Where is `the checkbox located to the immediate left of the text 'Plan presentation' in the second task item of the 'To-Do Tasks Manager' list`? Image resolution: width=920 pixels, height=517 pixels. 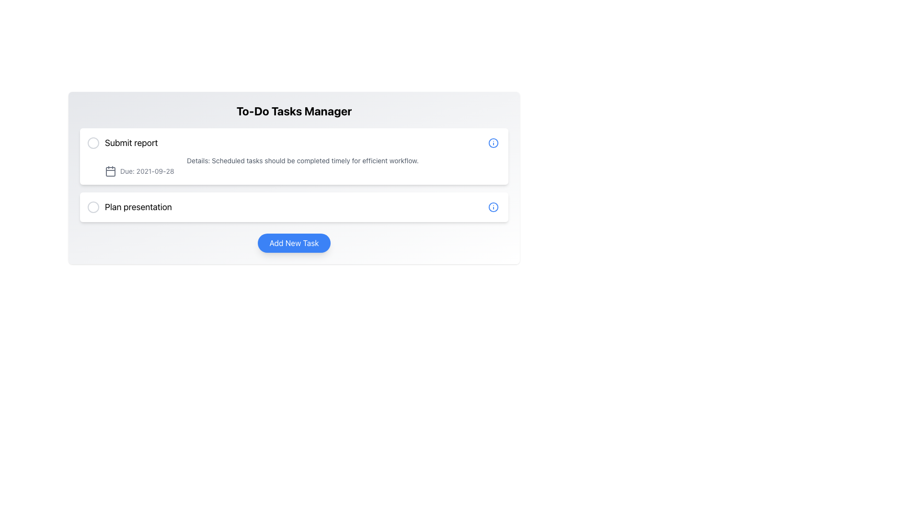
the checkbox located to the immediate left of the text 'Plan presentation' in the second task item of the 'To-Do Tasks Manager' list is located at coordinates (93, 206).